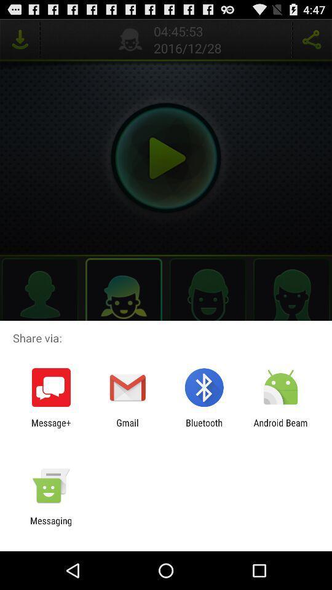 The height and width of the screenshot is (590, 332). Describe the element at coordinates (50, 428) in the screenshot. I see `the icon next to gmail app` at that location.